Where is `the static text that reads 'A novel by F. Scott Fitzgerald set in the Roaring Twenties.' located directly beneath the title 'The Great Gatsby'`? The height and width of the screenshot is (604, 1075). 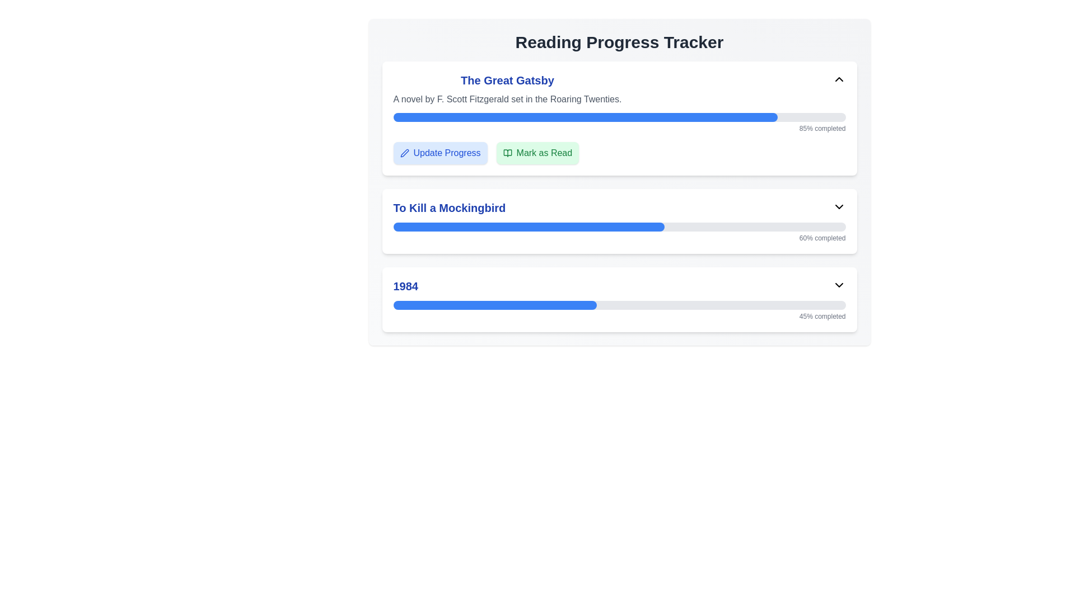 the static text that reads 'A novel by F. Scott Fitzgerald set in the Roaring Twenties.' located directly beneath the title 'The Great Gatsby' is located at coordinates (507, 98).